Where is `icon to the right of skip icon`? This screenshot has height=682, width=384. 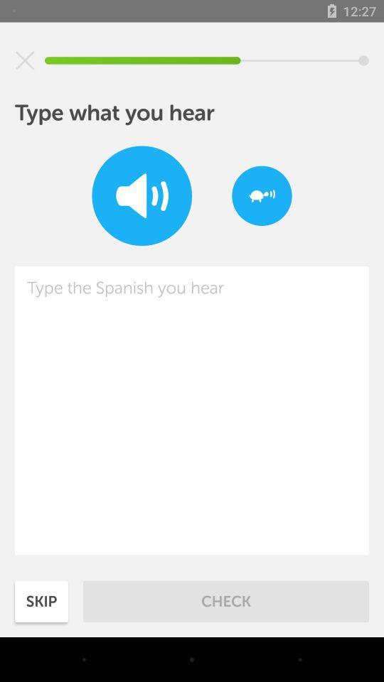
icon to the right of skip icon is located at coordinates (226, 600).